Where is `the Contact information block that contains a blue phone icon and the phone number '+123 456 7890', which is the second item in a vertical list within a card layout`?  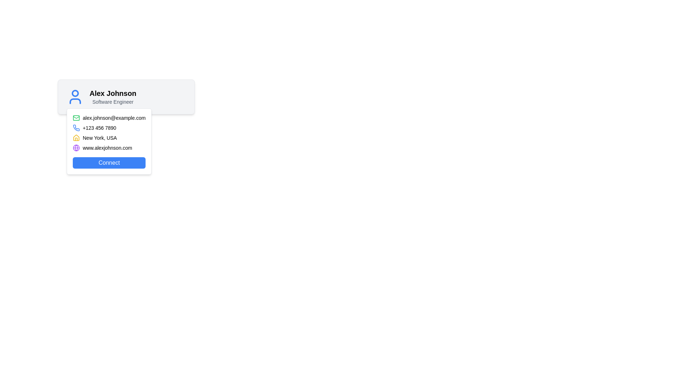
the Contact information block that contains a blue phone icon and the phone number '+123 456 7890', which is the second item in a vertical list within a card layout is located at coordinates (109, 127).